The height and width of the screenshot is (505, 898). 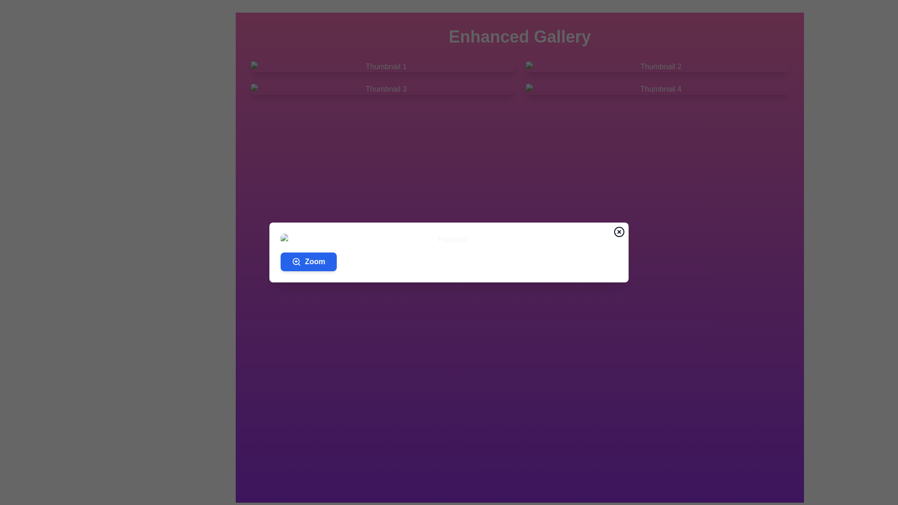 I want to click on the magnifying glass icon that contains the circular SVG element for zoom-in functionality, so click(x=296, y=261).